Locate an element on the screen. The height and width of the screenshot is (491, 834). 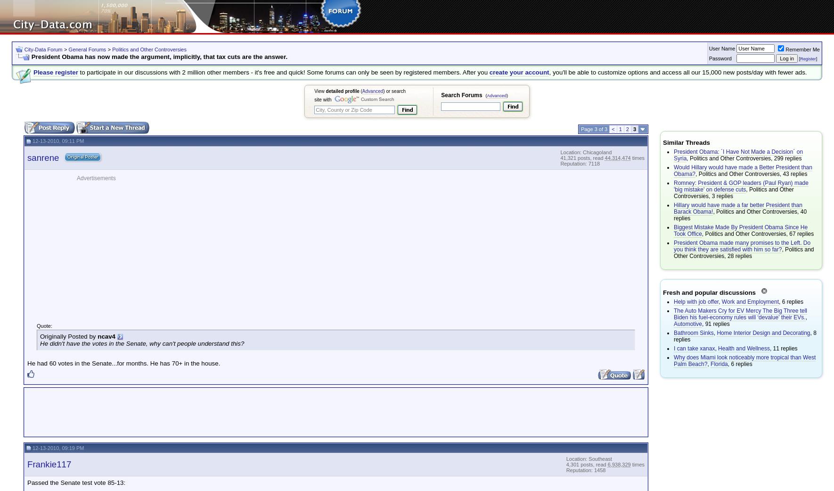
', you'll be able to customize options and access all our 15,000 new posts/day with fewer ads.' is located at coordinates (678, 72).